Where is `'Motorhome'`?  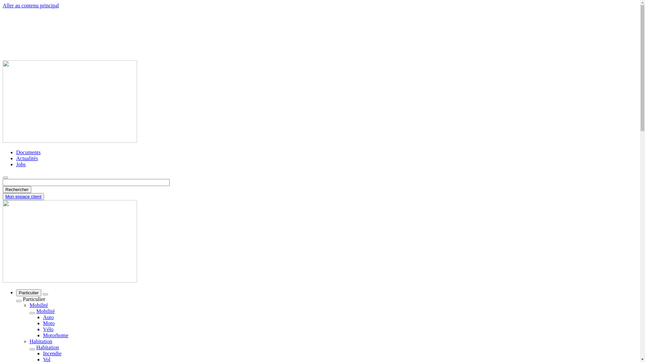
'Motorhome' is located at coordinates (56, 335).